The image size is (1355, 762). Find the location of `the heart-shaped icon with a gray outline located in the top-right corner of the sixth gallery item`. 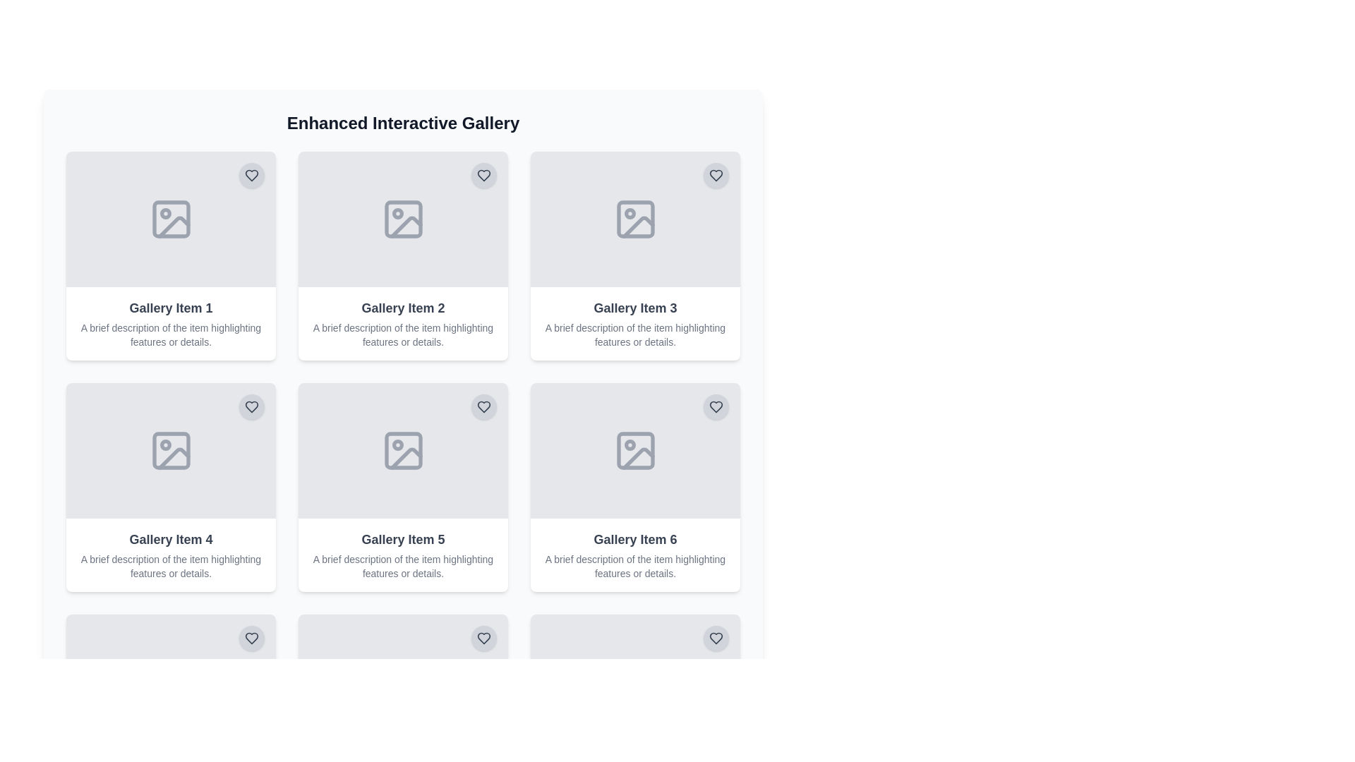

the heart-shaped icon with a gray outline located in the top-right corner of the sixth gallery item is located at coordinates (716, 407).